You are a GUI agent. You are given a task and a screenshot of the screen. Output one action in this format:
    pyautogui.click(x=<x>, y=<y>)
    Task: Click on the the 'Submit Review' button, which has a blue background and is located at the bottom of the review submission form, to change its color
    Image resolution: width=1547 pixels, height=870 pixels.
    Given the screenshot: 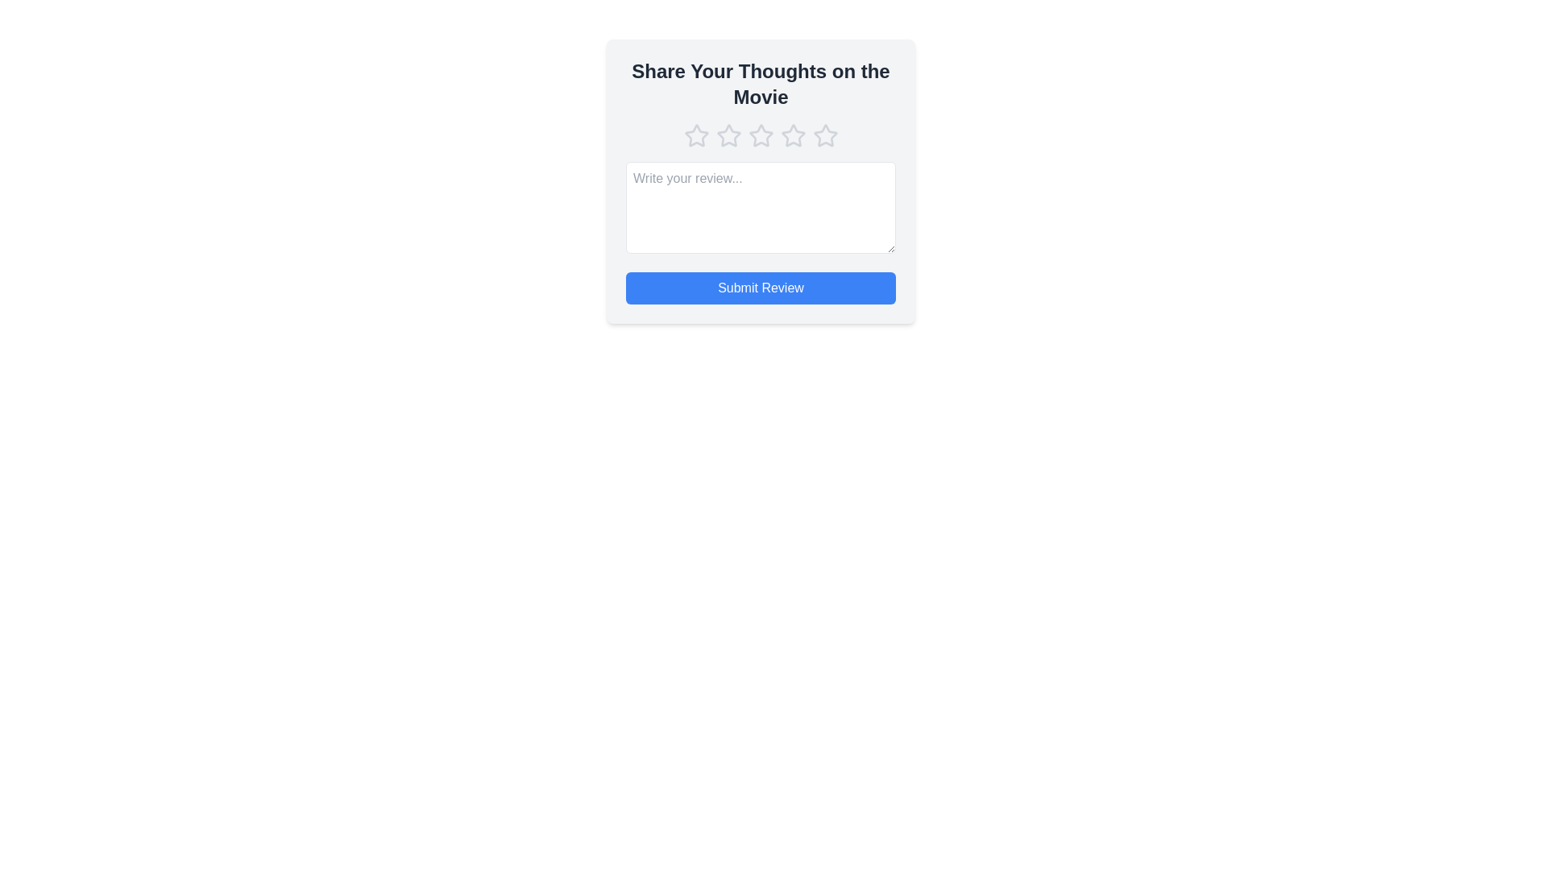 What is the action you would take?
    pyautogui.click(x=760, y=288)
    